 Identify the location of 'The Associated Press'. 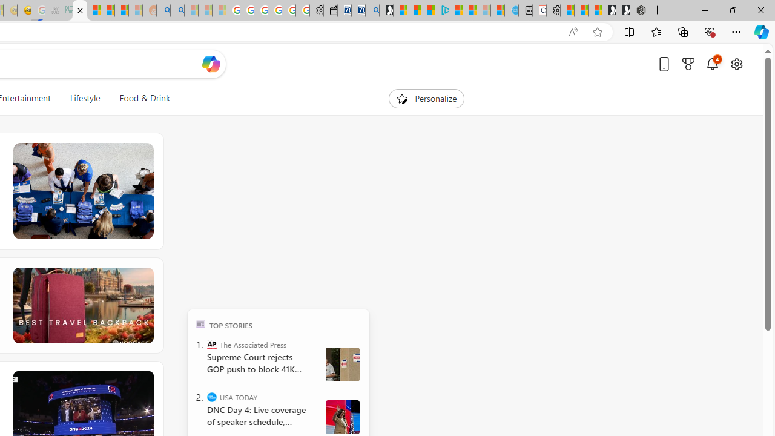
(212, 344).